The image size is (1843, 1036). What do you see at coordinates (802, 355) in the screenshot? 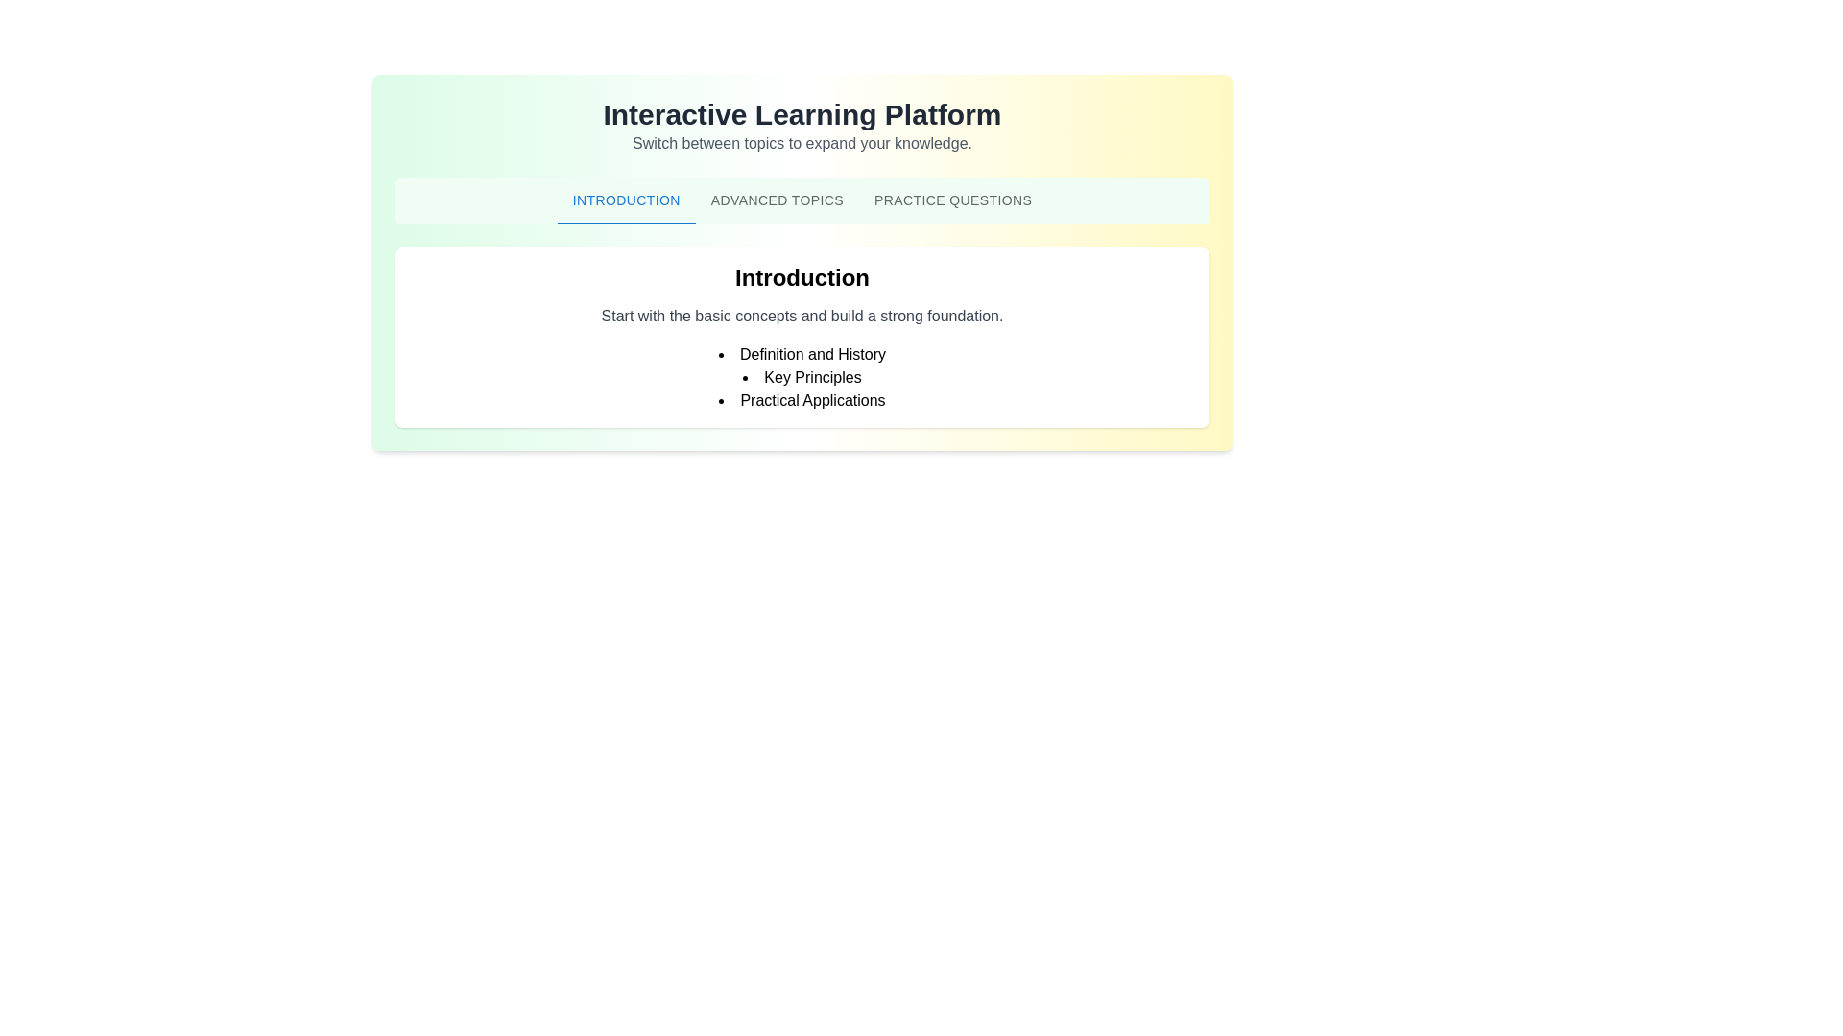
I see `the text label located as the first item in the bulleted list under the 'Introduction' section, which indicates a topic or section` at bounding box center [802, 355].